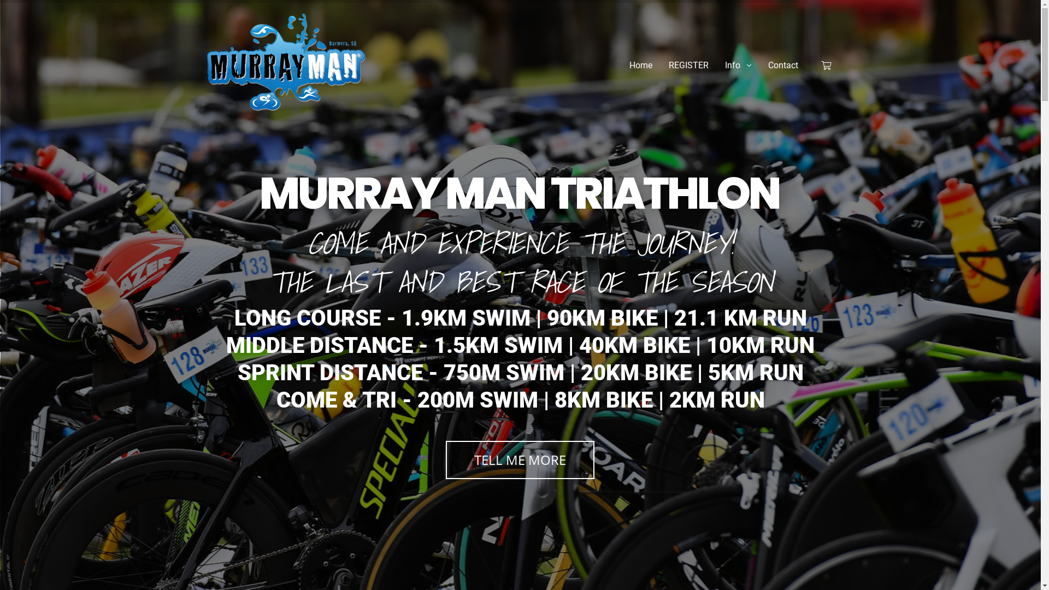 This screenshot has width=1049, height=590. What do you see at coordinates (782, 65) in the screenshot?
I see `'Contact'` at bounding box center [782, 65].